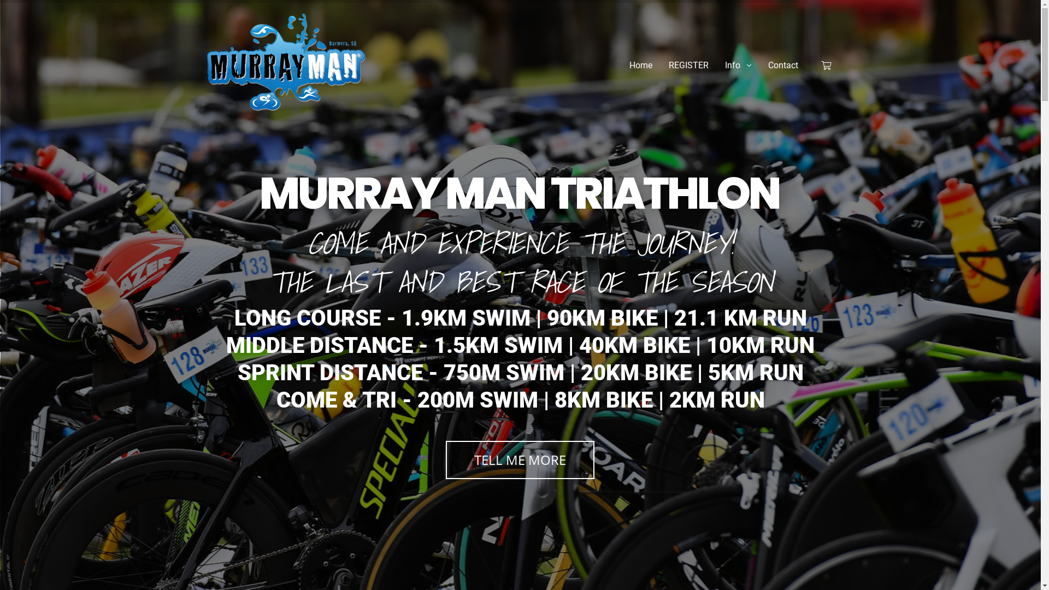 This screenshot has width=1049, height=590. What do you see at coordinates (782, 65) in the screenshot?
I see `'Contact'` at bounding box center [782, 65].